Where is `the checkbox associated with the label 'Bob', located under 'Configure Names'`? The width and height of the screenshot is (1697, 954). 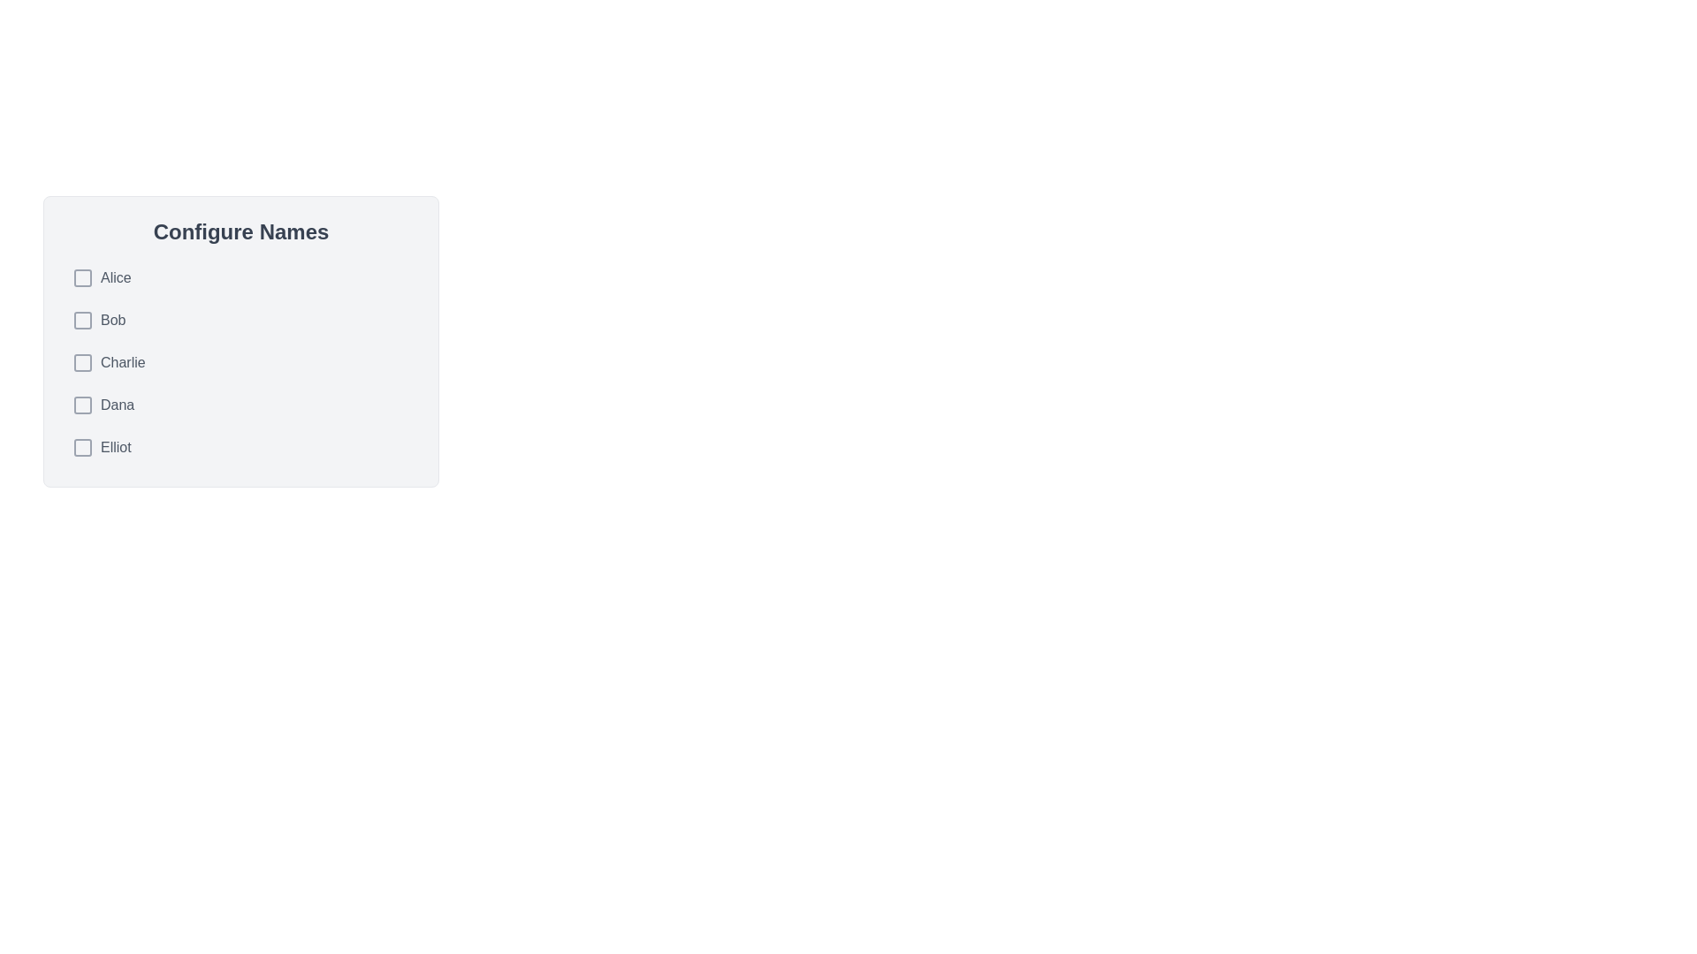 the checkbox associated with the label 'Bob', located under 'Configure Names' is located at coordinates (82, 320).